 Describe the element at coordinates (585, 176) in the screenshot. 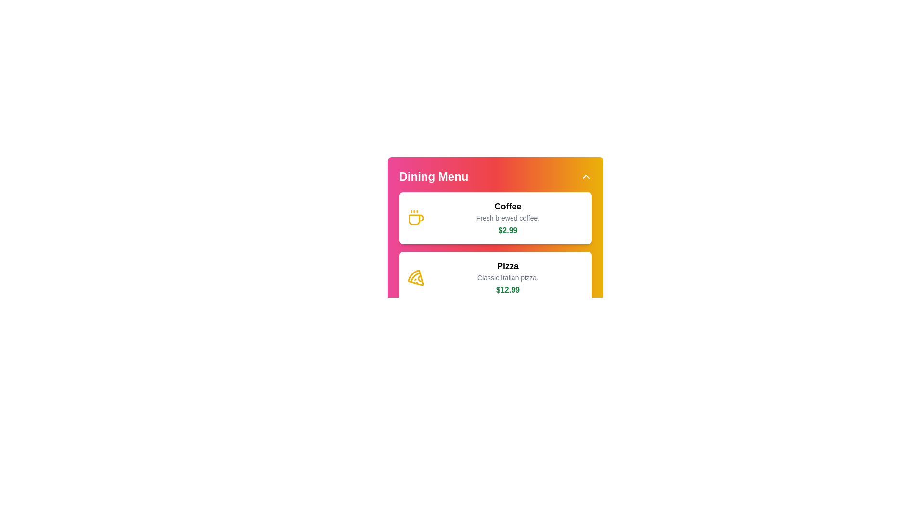

I see `the toggle button to toggle the menu visibility` at that location.